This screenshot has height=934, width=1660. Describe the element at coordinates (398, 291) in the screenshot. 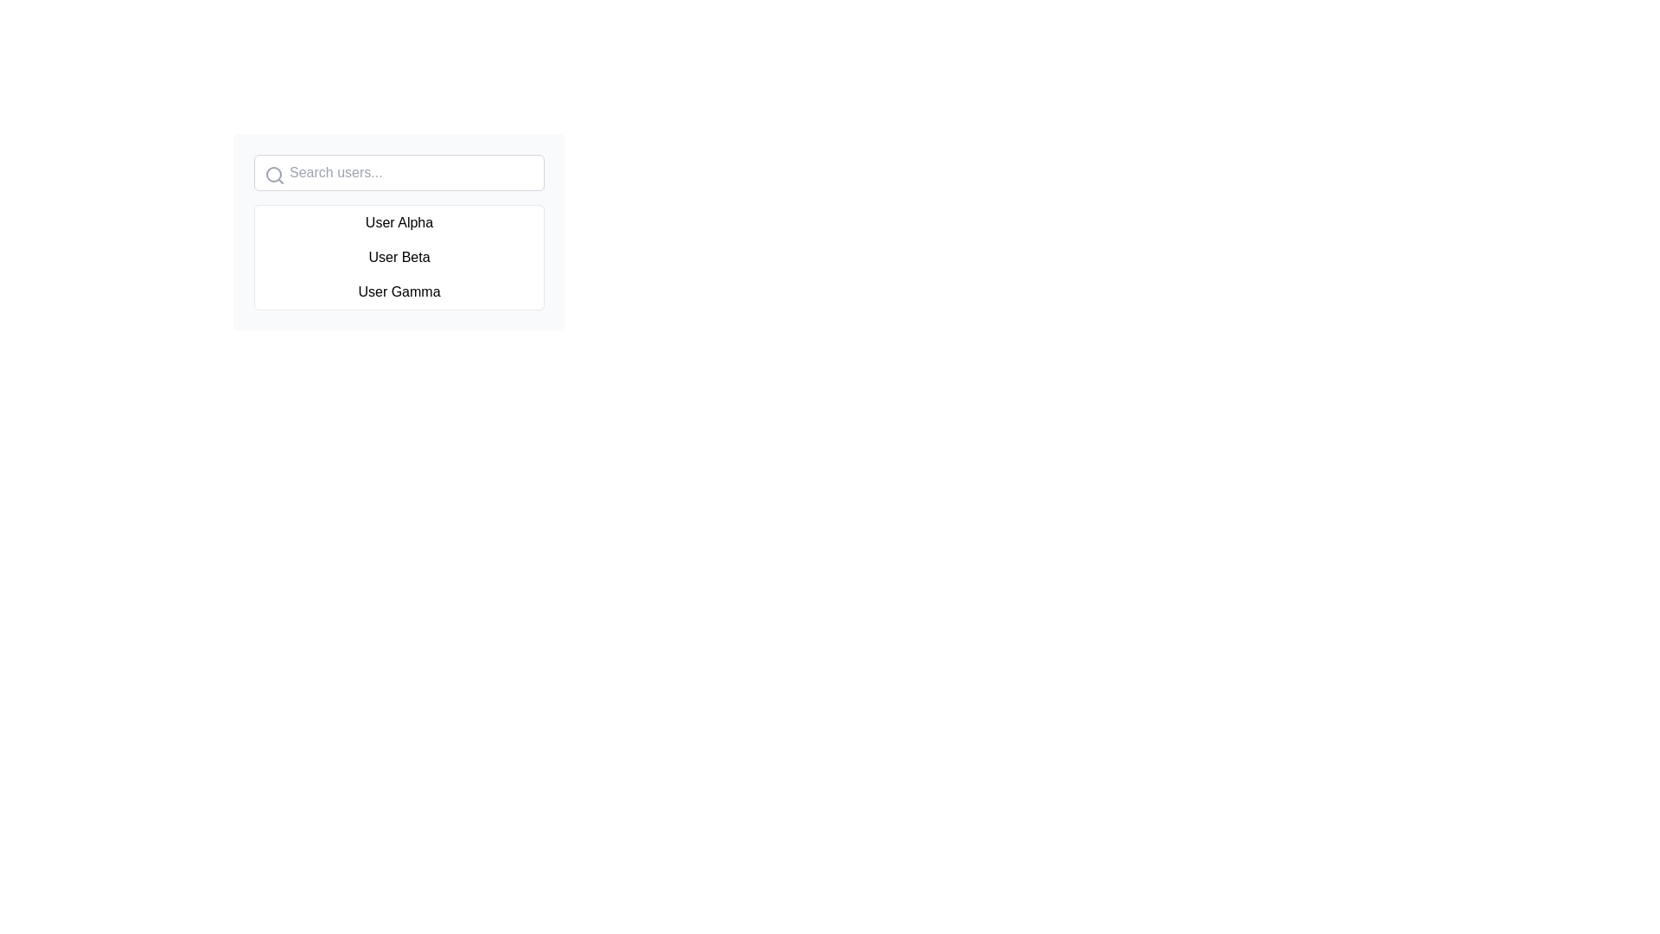

I see `the third item in the list associated with 'User Gamma'` at that location.